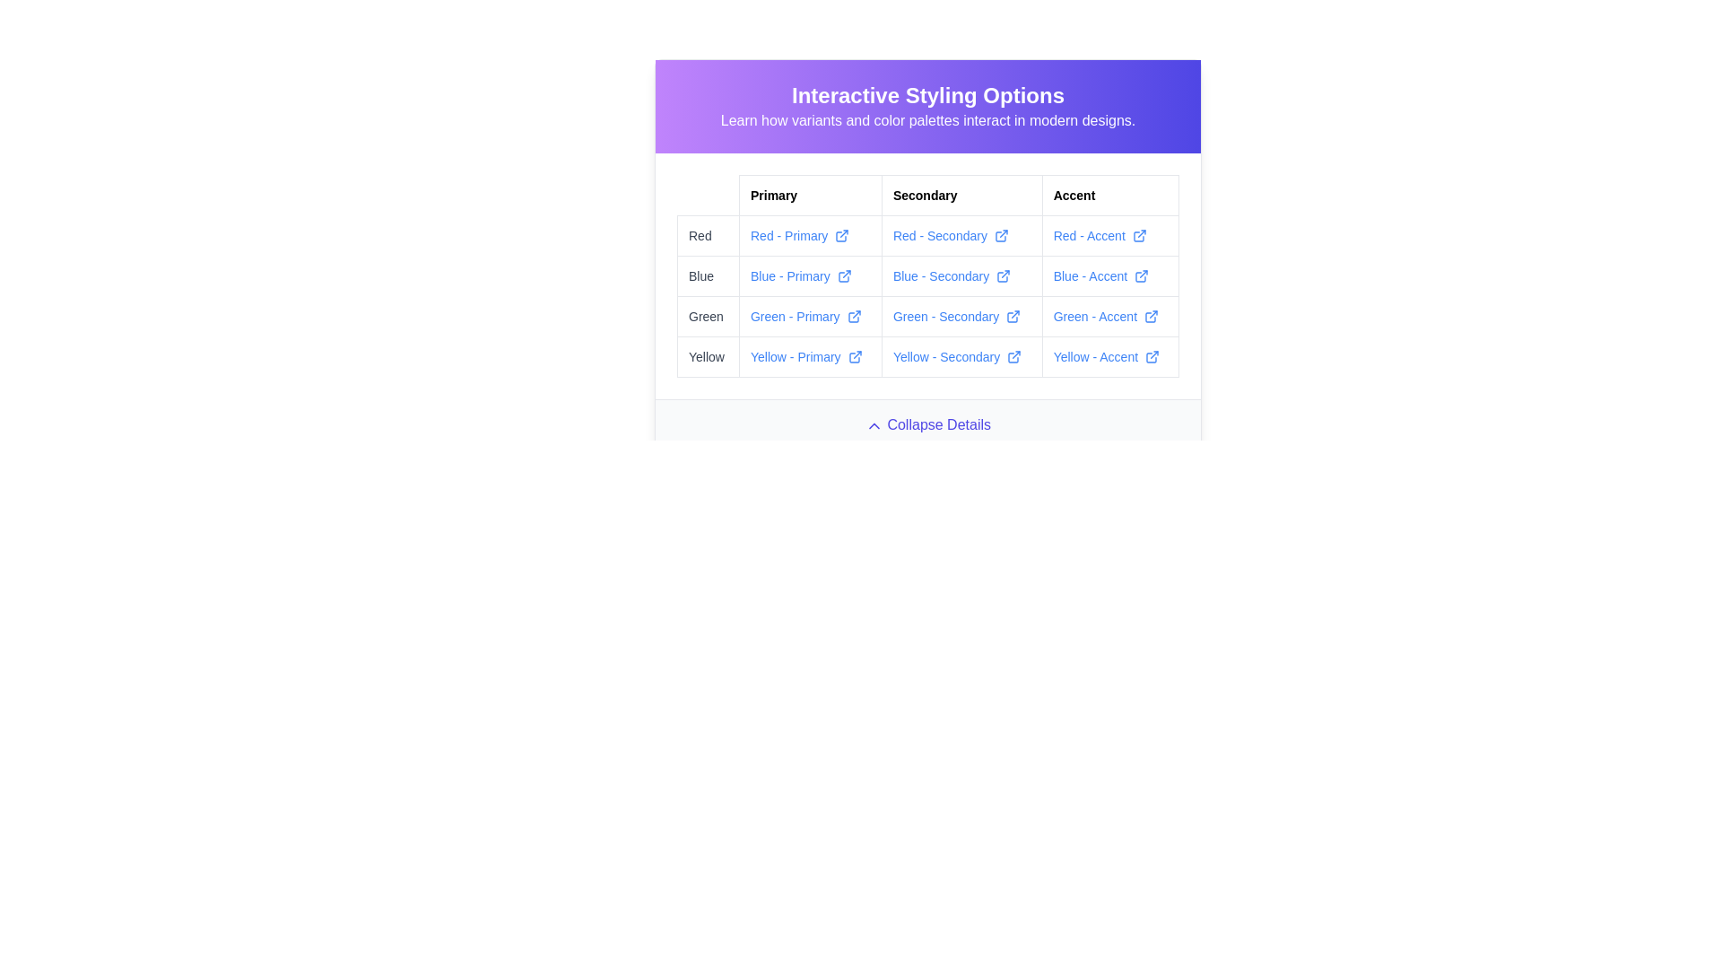 The width and height of the screenshot is (1722, 969). Describe the element at coordinates (708, 356) in the screenshot. I see `the static text label displaying 'Yellow', which is styled with light gray text color and is located in the first column of the last row of a structured table under the 'Primary' header` at that location.